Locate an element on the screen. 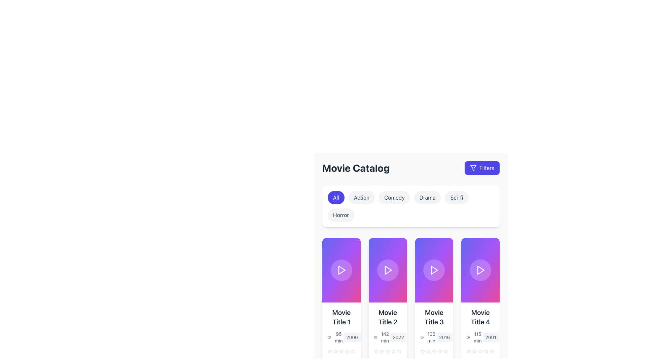 Image resolution: width=646 pixels, height=363 pixels. the triangular play icon with a white outline and purple gradient background, located in the first card of the carousel under the 'Movie Catalog' title is located at coordinates (341, 270).